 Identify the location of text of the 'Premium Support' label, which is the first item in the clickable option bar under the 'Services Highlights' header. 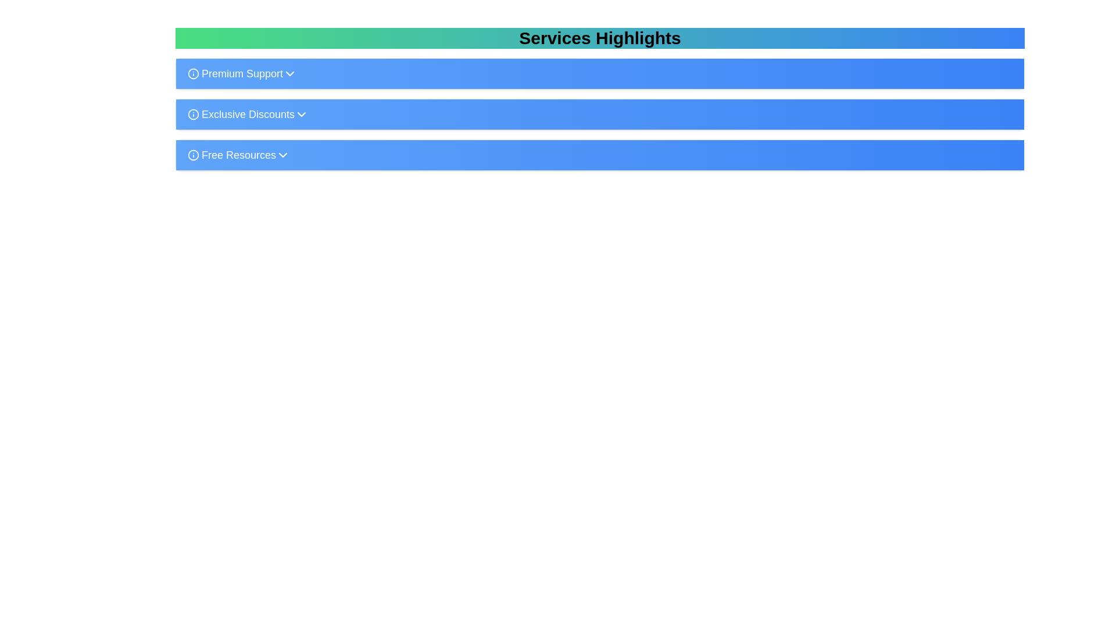
(235, 74).